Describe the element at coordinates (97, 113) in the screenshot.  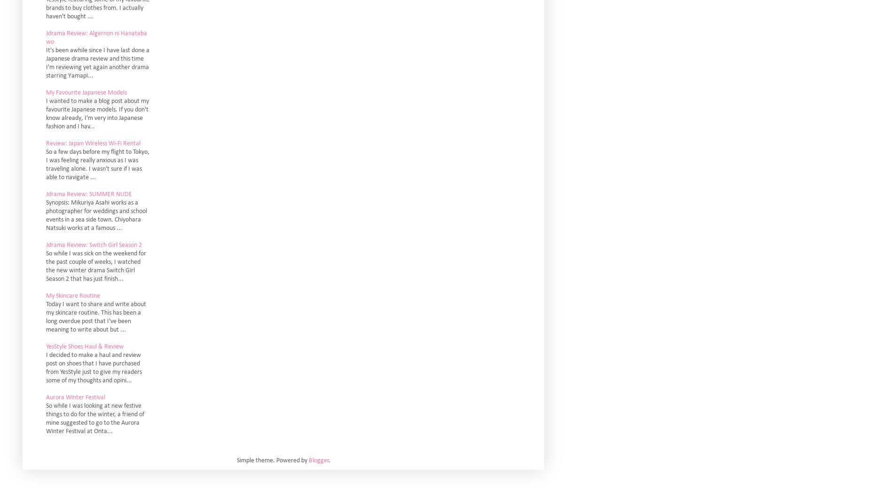
I see `'I wanted to make a blog post about my favourite Japanese models. If you don't know already, I'm very into Japanese fashion and I hav...'` at that location.